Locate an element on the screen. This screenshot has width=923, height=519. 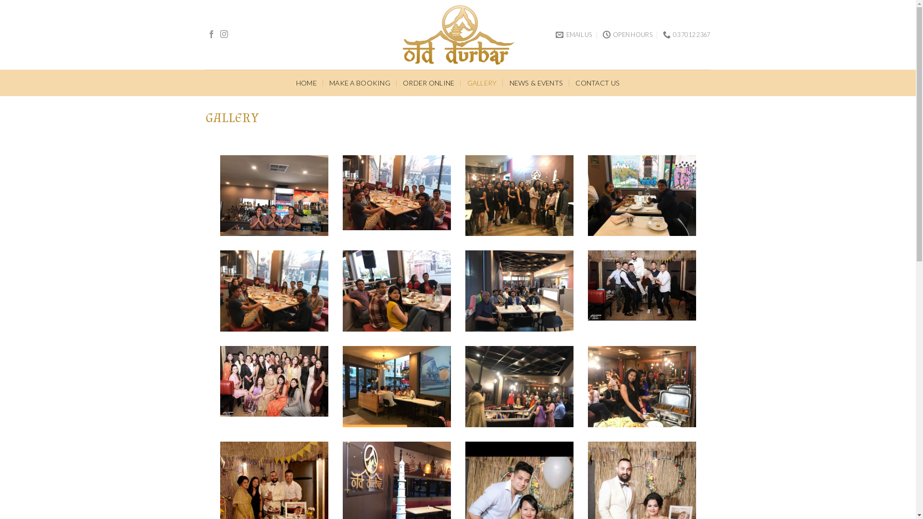
'ORDER ONLINE' is located at coordinates (403, 82).